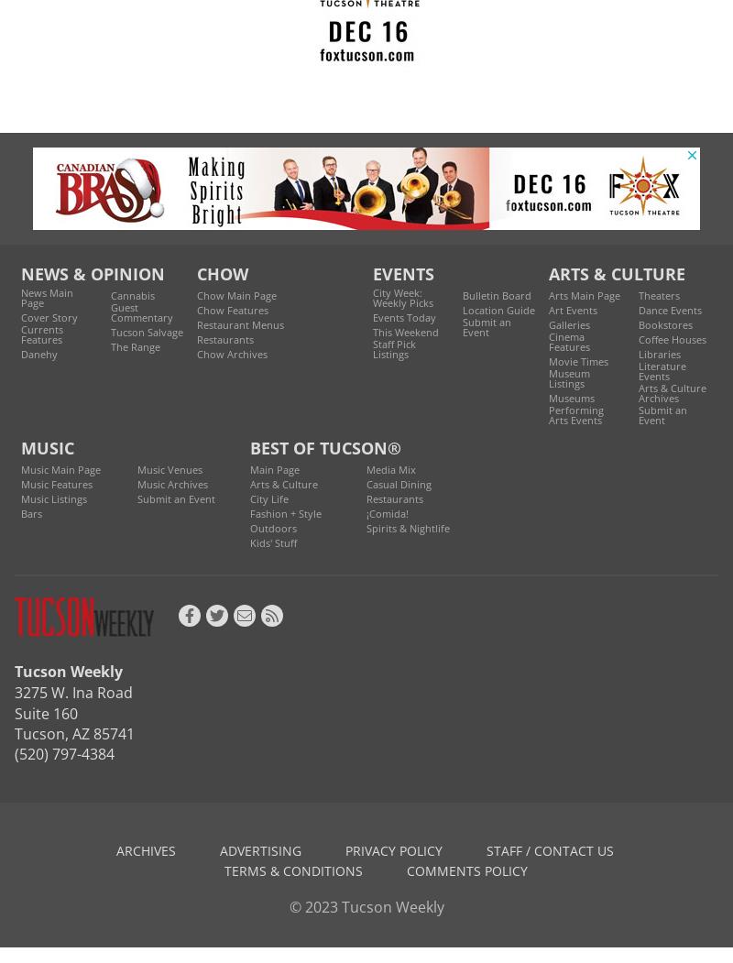 Image resolution: width=733 pixels, height=963 pixels. I want to click on 'Galleries', so click(569, 324).